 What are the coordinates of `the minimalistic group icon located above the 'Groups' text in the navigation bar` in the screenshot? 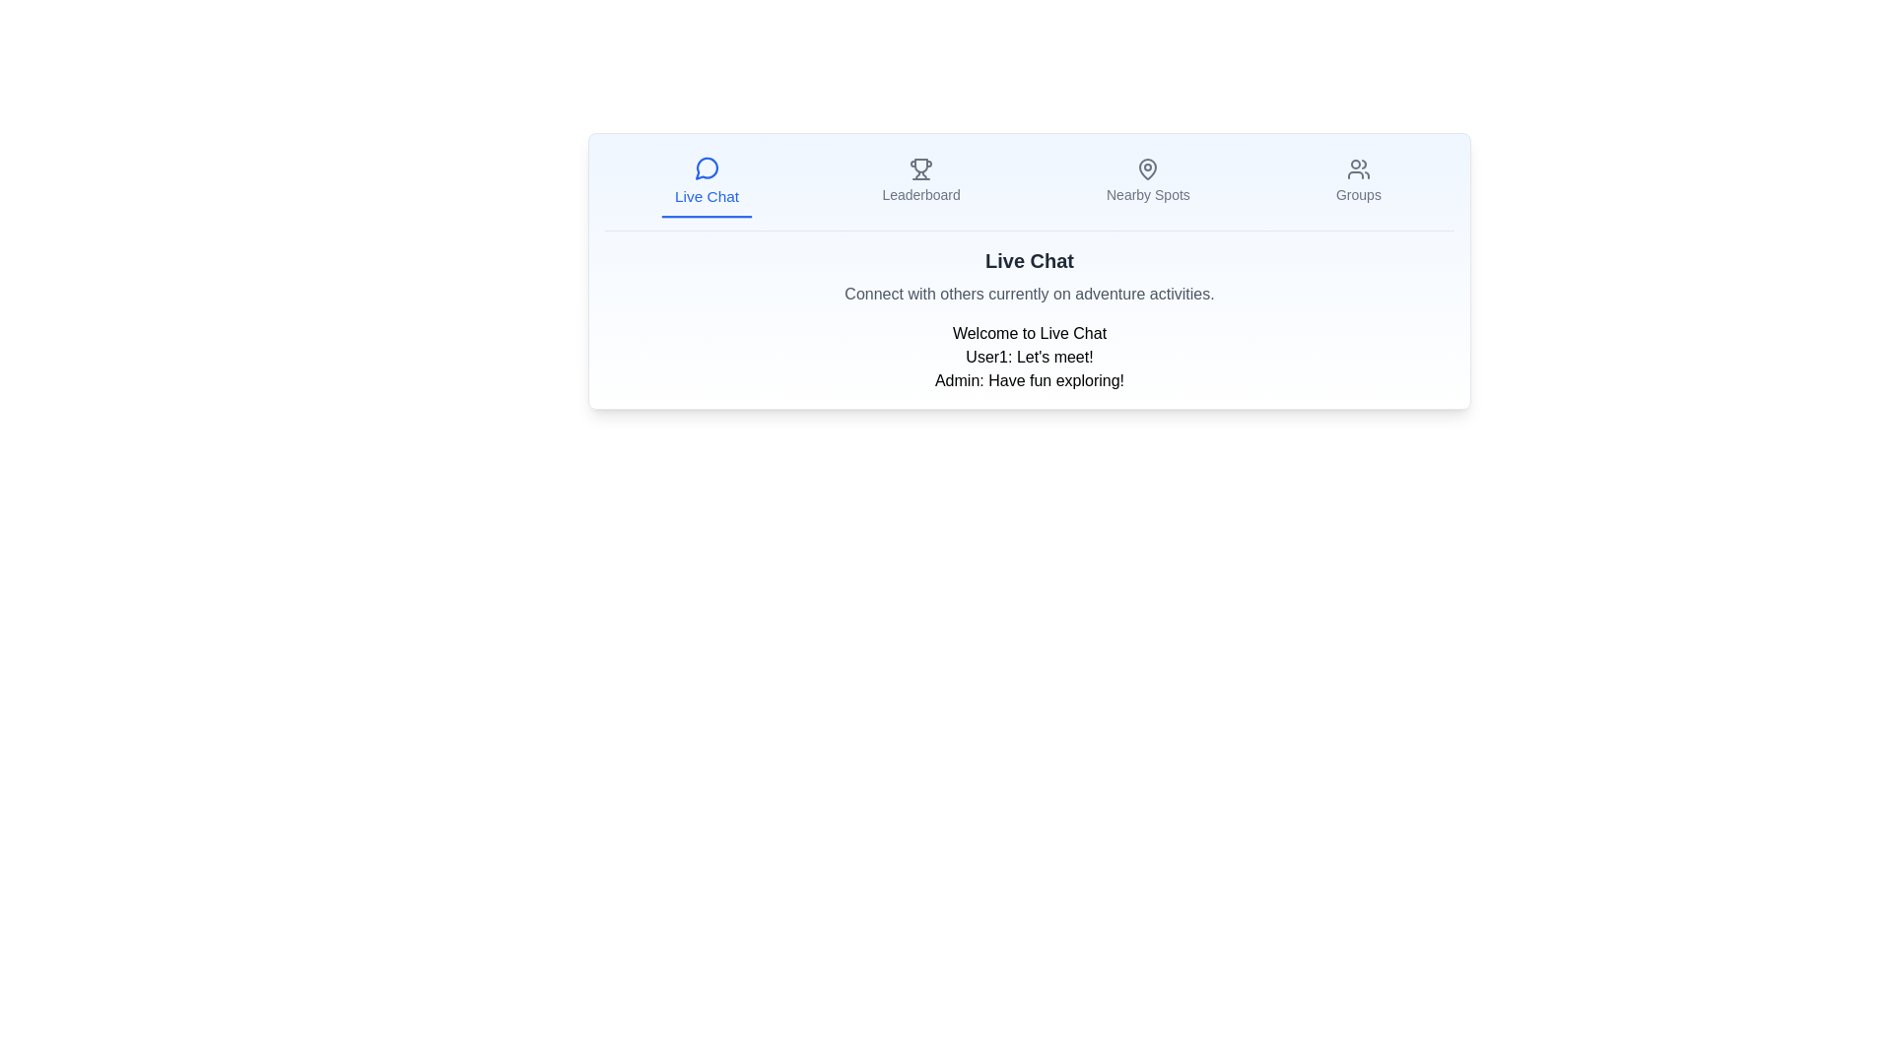 It's located at (1357, 168).